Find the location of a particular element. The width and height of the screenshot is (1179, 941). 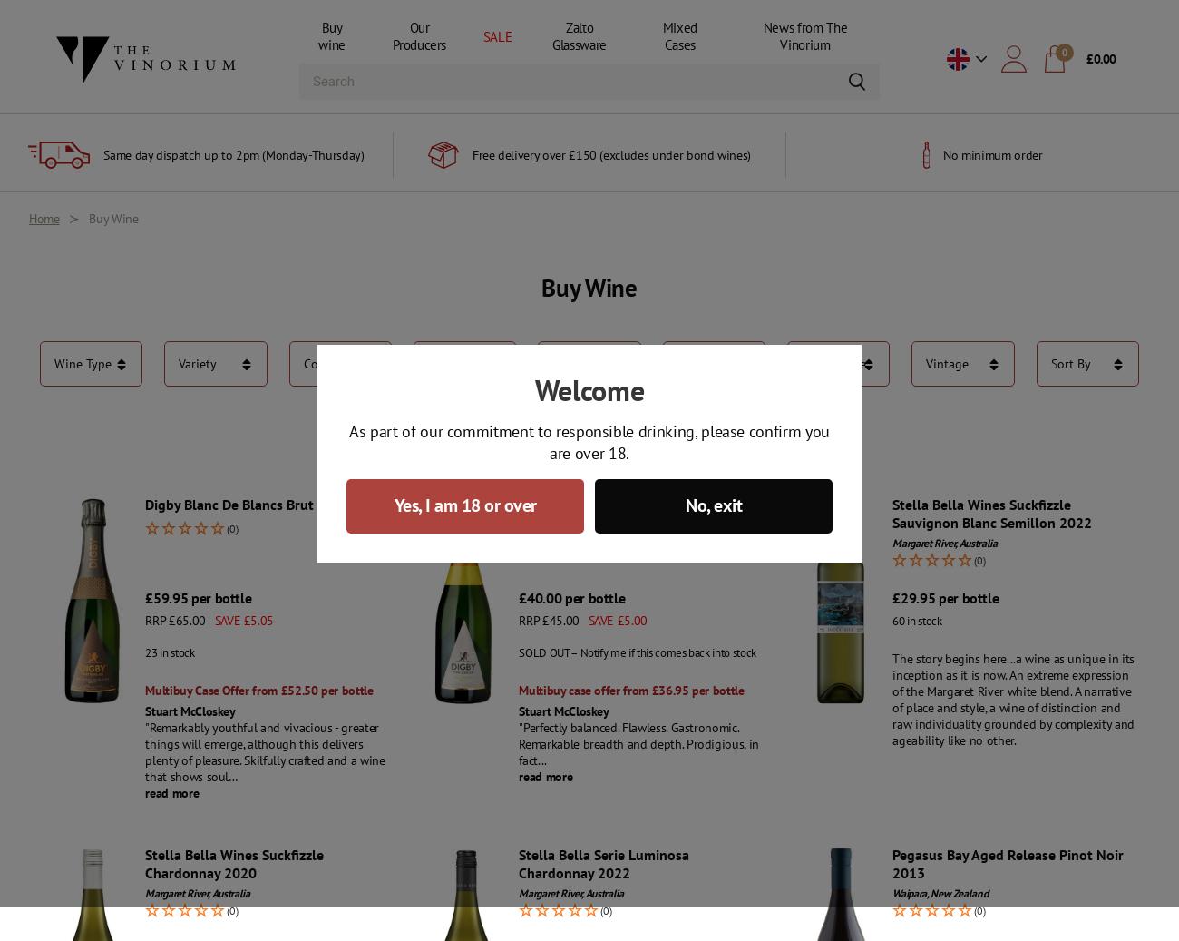

'Save £5.00' is located at coordinates (616, 621).